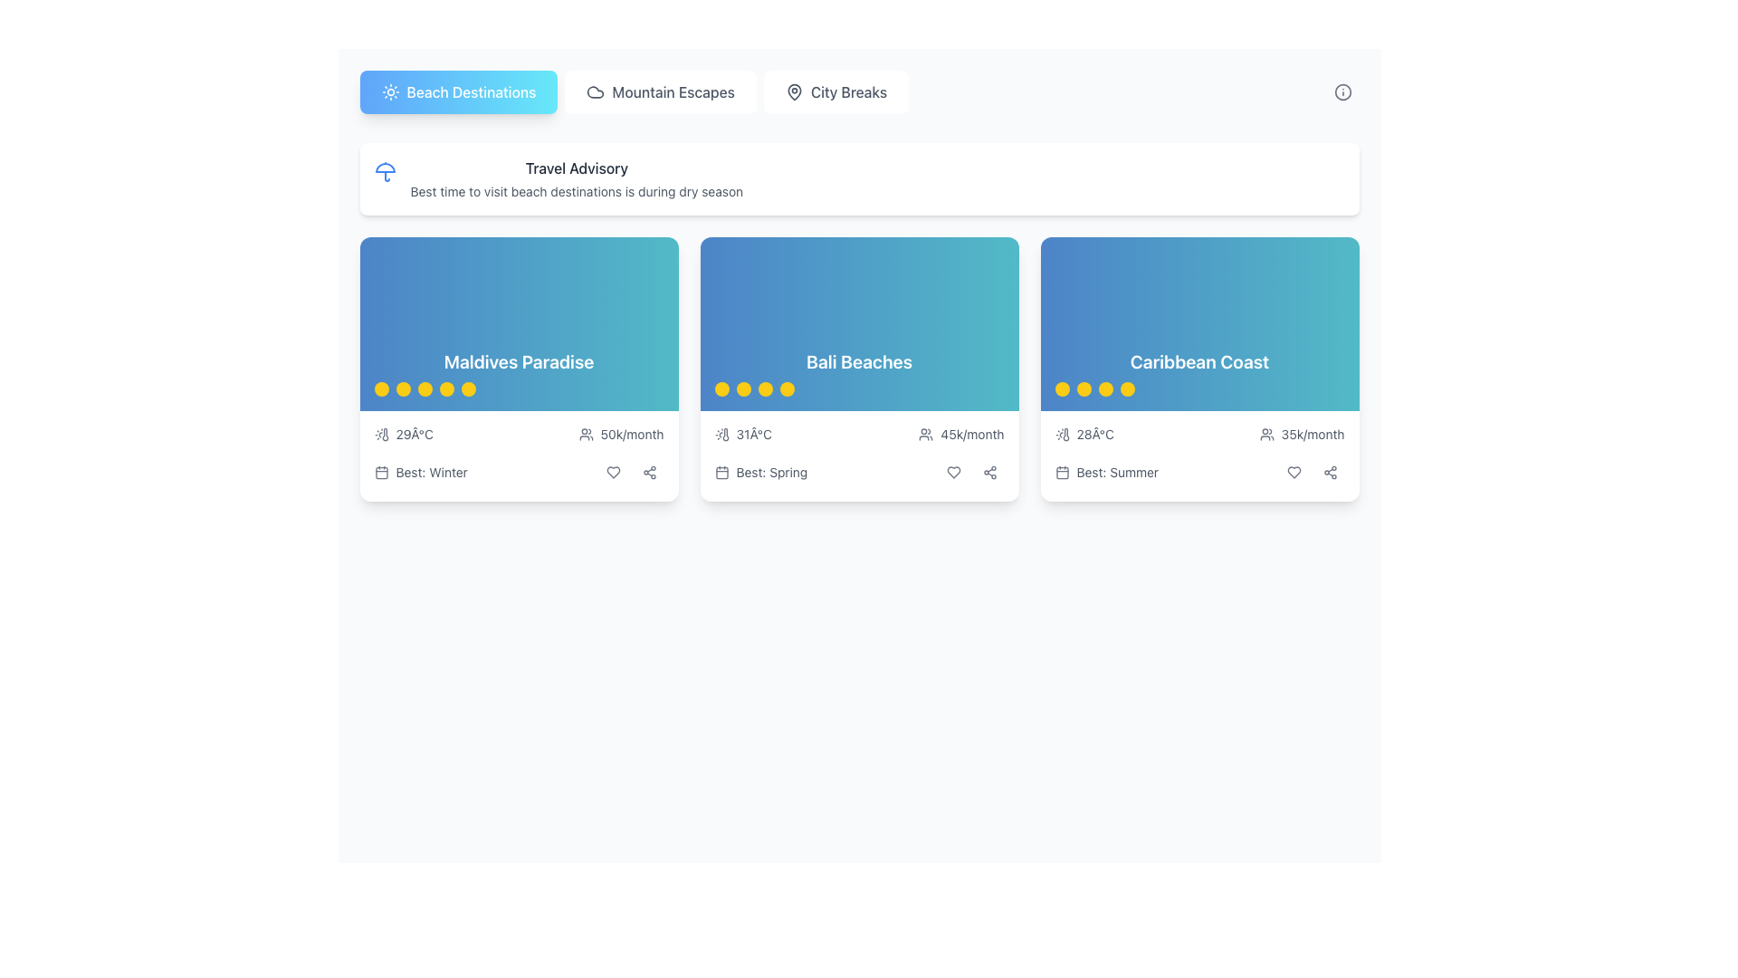  Describe the element at coordinates (380, 472) in the screenshot. I see `the main rectangular area inside the calendar icon located below the 'Best' text in the card for 'Maldives Paradise.'` at that location.